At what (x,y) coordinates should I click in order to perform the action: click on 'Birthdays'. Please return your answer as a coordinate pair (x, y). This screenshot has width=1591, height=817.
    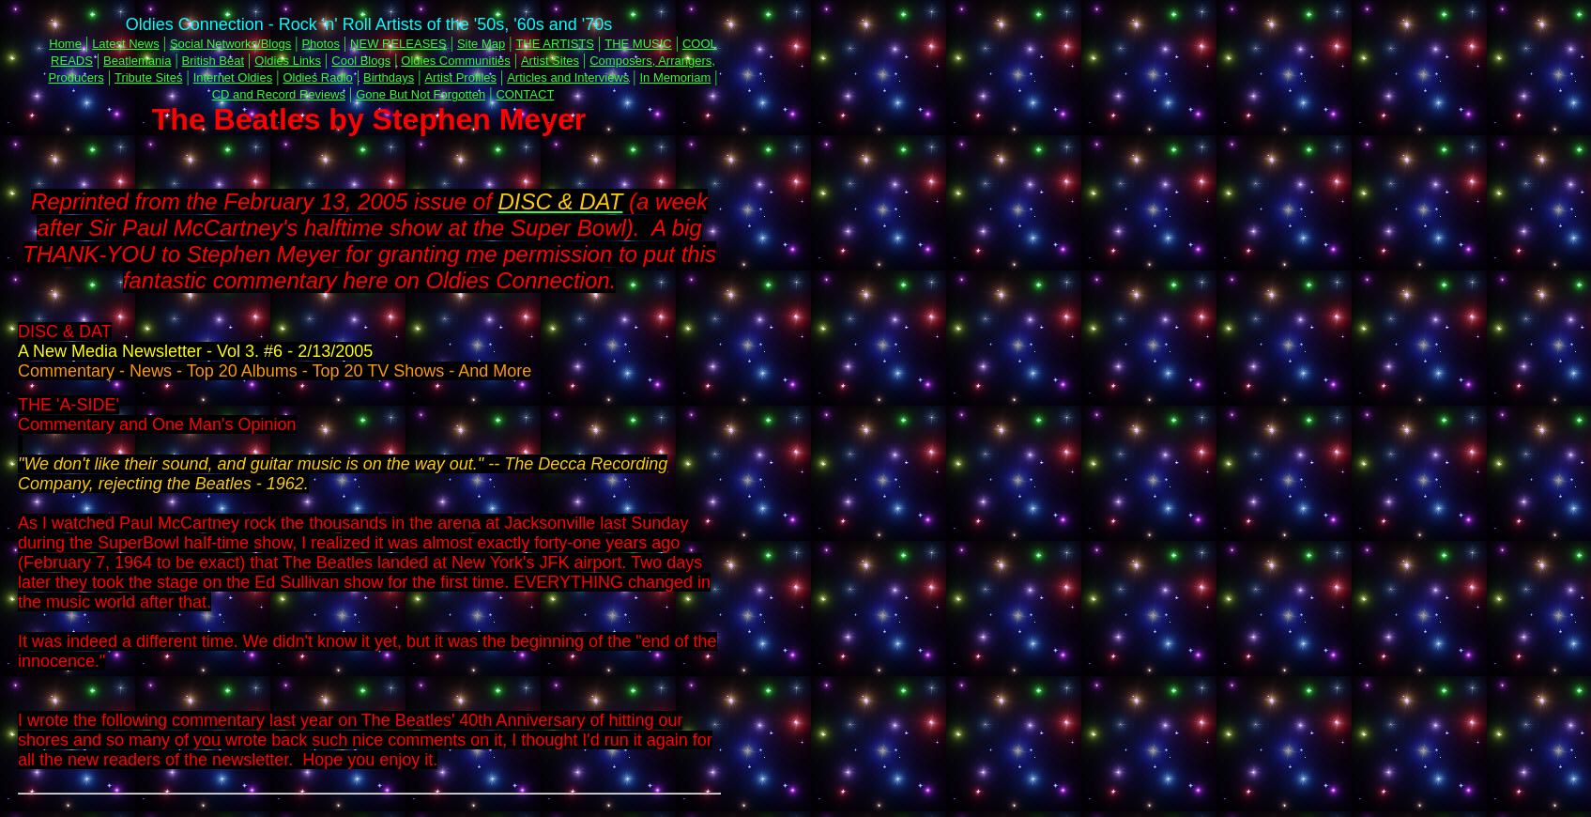
    Looking at the image, I should click on (388, 76).